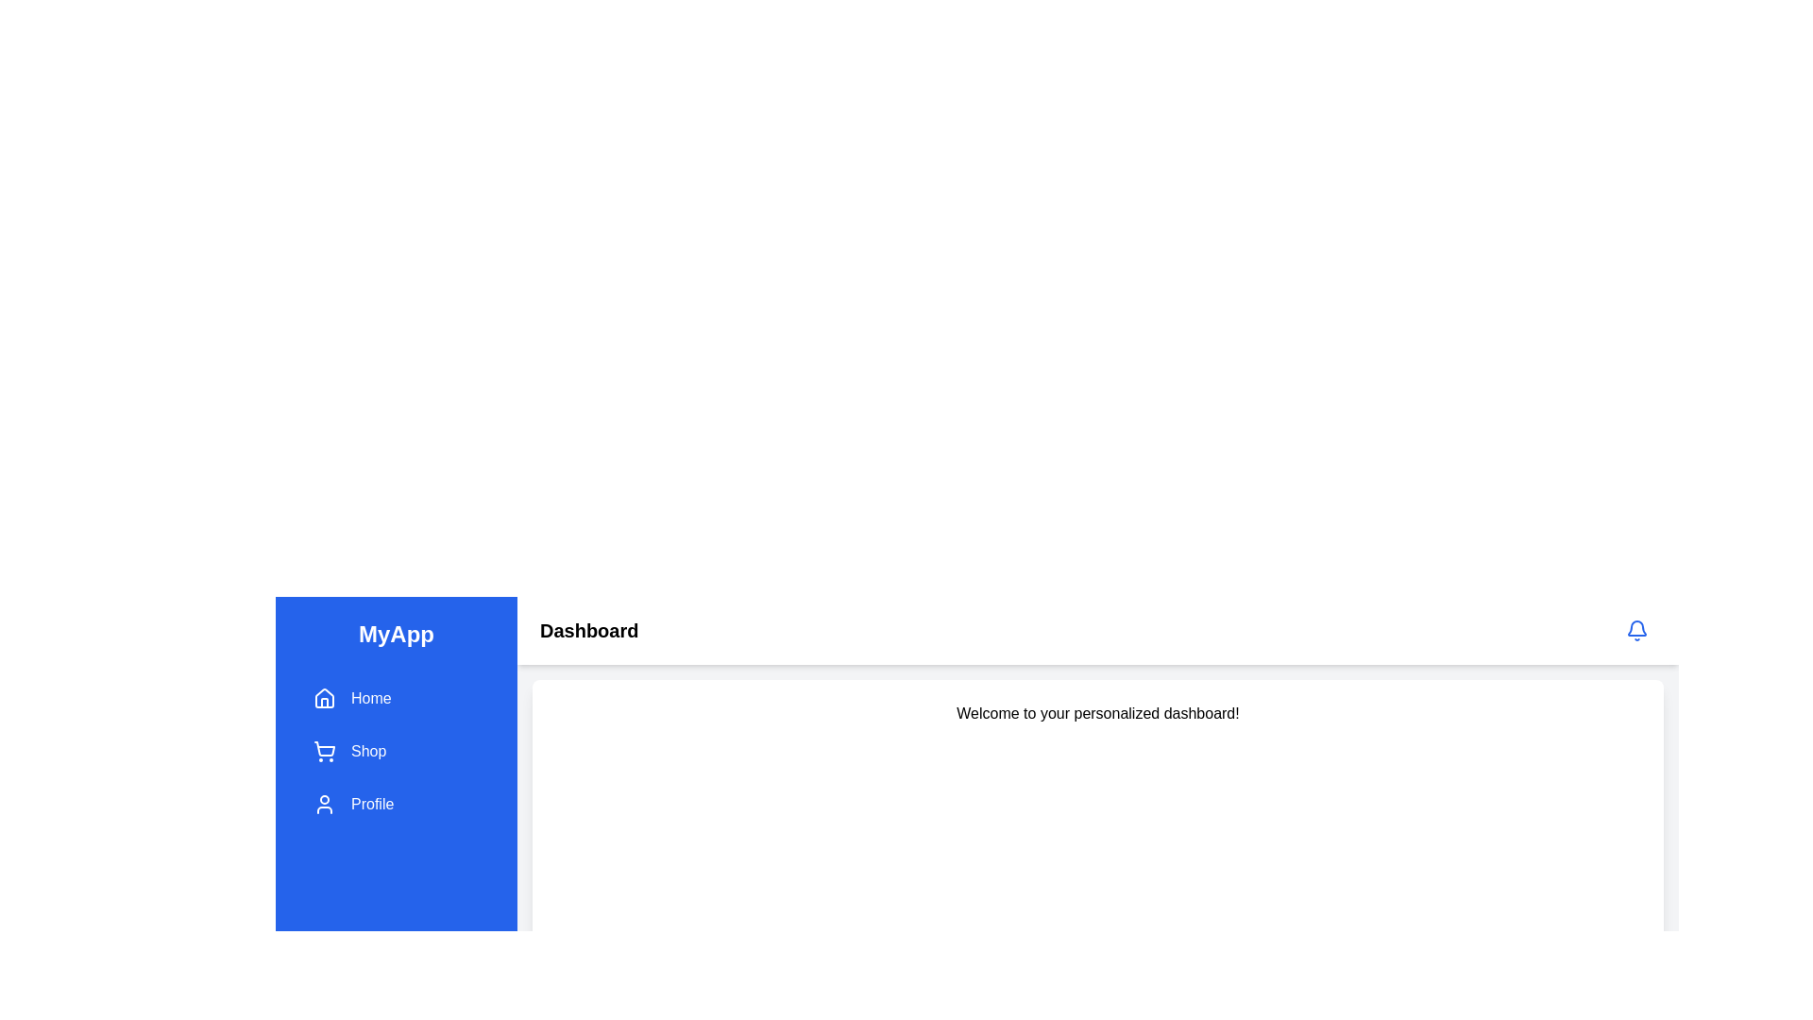 The image size is (1813, 1020). Describe the element at coordinates (396, 699) in the screenshot. I see `the navigation button that directs users to the home or dashboard page of the application, located at the first position in the vertical navigation section on the left side of the interface` at that location.